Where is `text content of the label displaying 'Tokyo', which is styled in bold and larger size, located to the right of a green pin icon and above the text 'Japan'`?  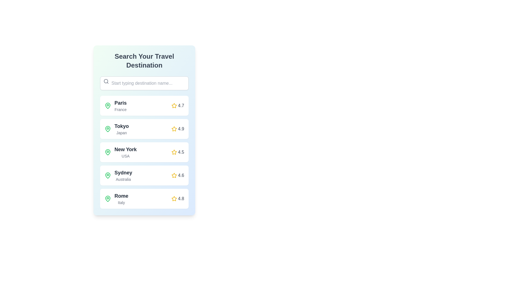 text content of the label displaying 'Tokyo', which is styled in bold and larger size, located to the right of a green pin icon and above the text 'Japan' is located at coordinates (121, 126).